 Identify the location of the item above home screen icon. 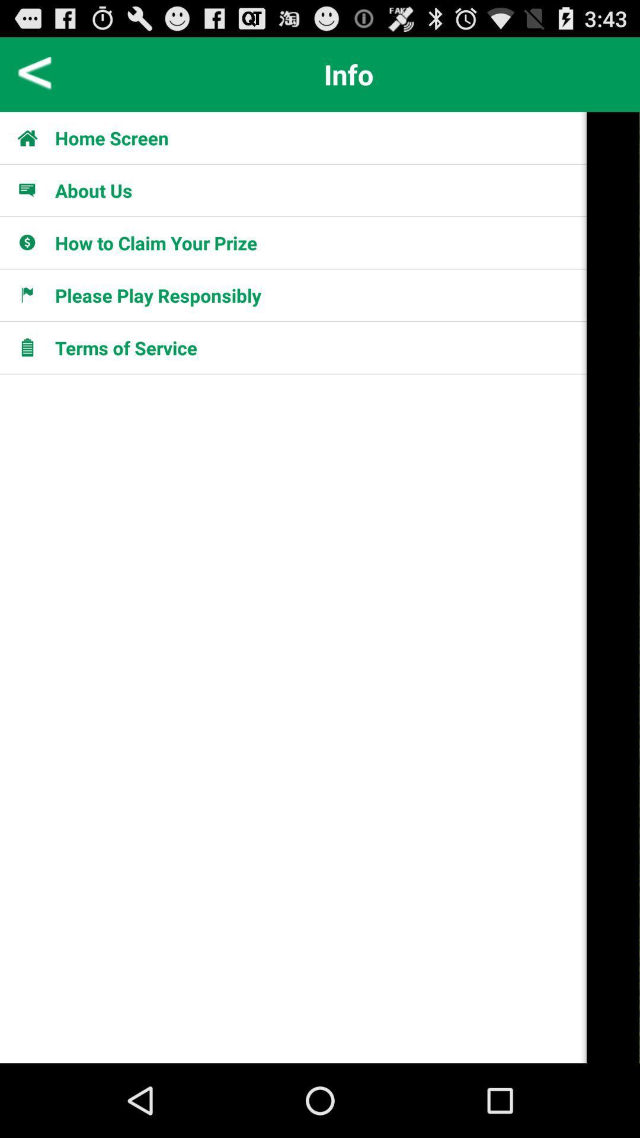
(34, 73).